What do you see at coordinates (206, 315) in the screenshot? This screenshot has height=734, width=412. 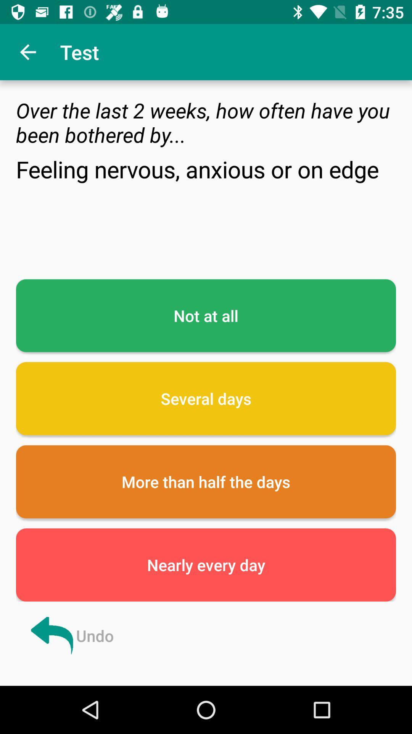 I see `the not at all item` at bounding box center [206, 315].